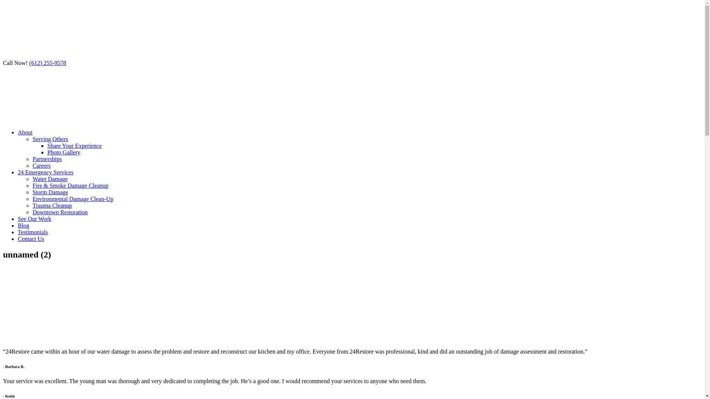  What do you see at coordinates (45, 172) in the screenshot?
I see `'24 Emergency Services'` at bounding box center [45, 172].